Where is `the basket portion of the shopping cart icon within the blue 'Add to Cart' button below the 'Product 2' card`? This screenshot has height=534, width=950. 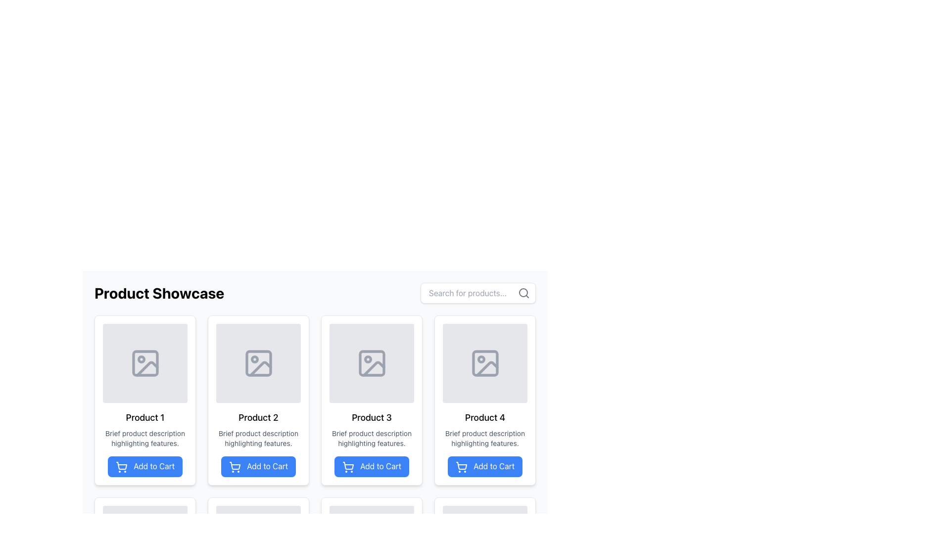 the basket portion of the shopping cart icon within the blue 'Add to Cart' button below the 'Product 2' card is located at coordinates (235, 465).